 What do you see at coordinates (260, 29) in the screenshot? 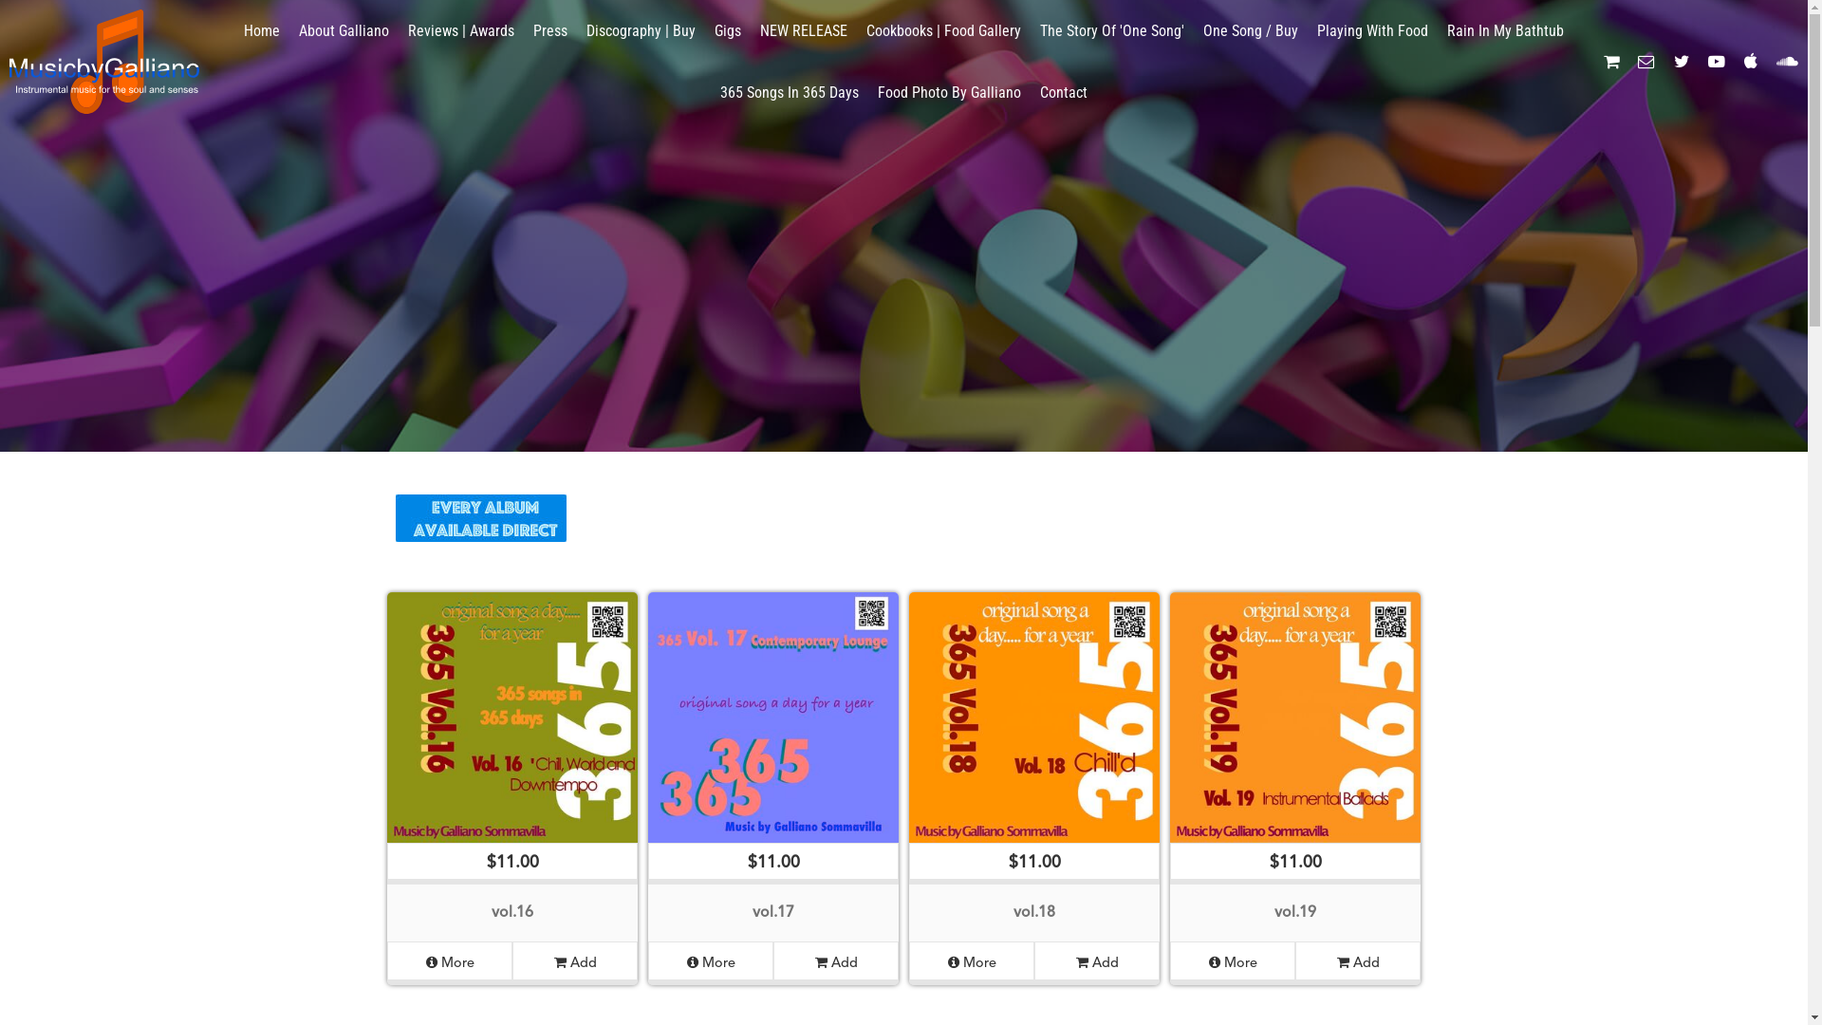
I see `'Home'` at bounding box center [260, 29].